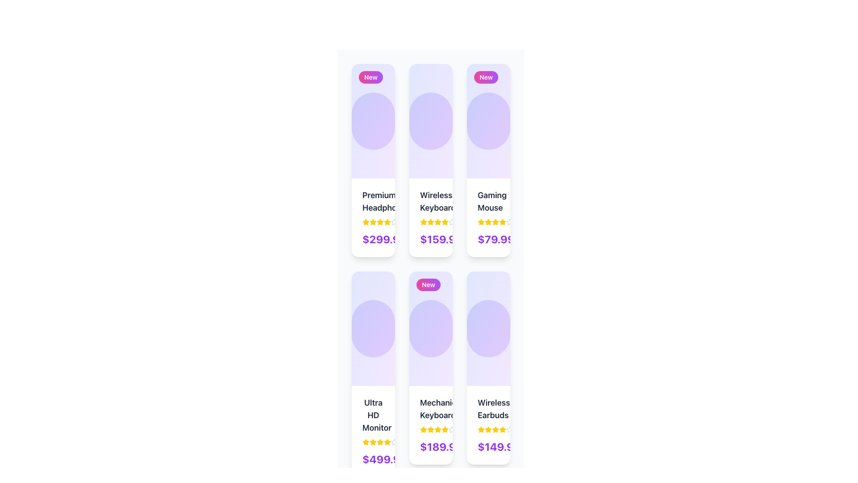  Describe the element at coordinates (480, 429) in the screenshot. I see `the rating star element in the bottom row of the grid layout for the product 'Wireless Earbuds', located on top of the price '$149.99' to initiate a rating action` at that location.